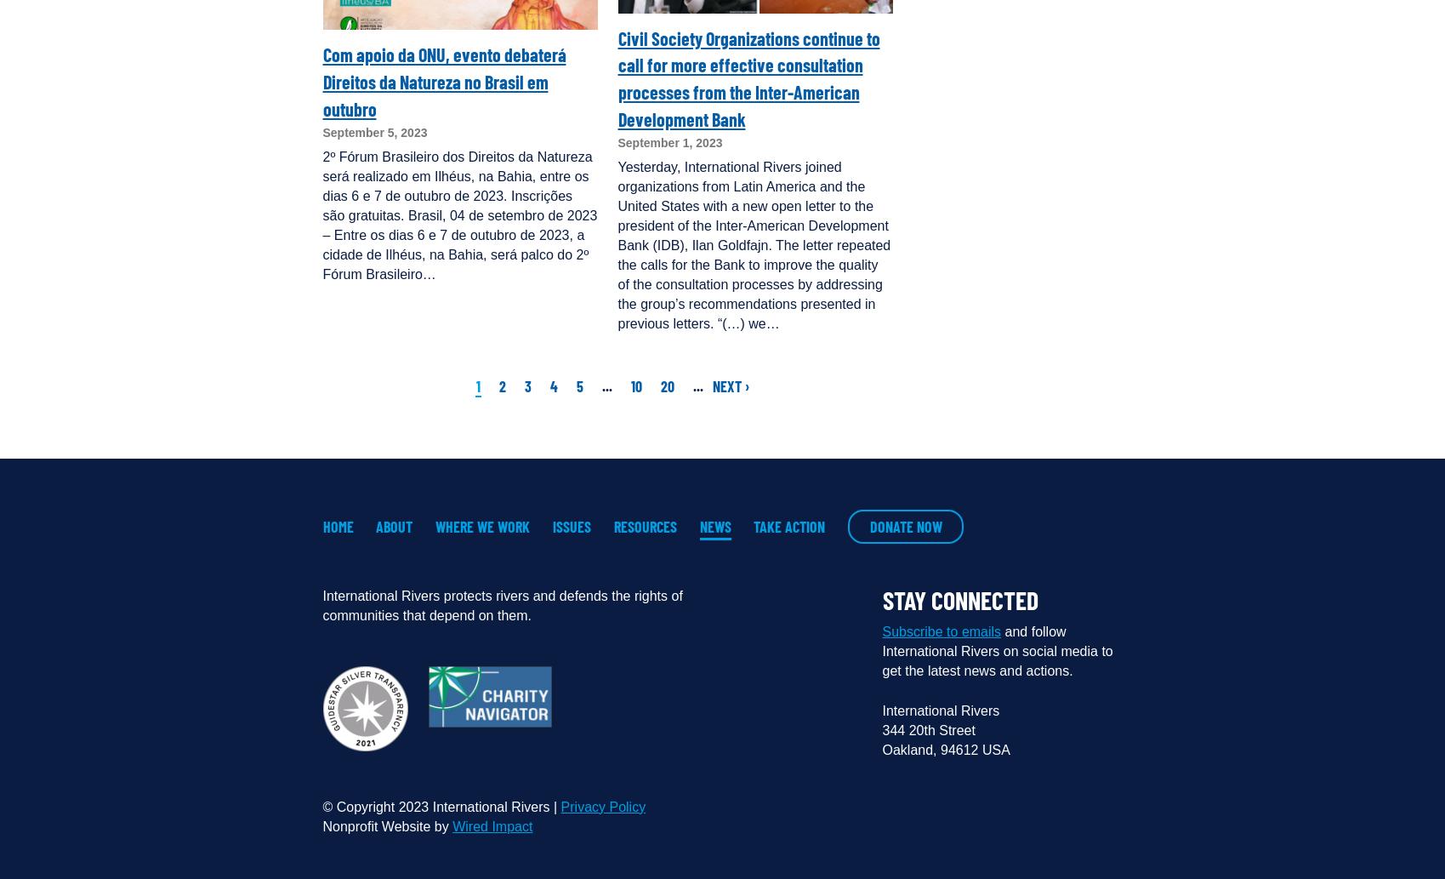 This screenshot has width=1445, height=879. I want to click on 'International Rivers', so click(882, 710).